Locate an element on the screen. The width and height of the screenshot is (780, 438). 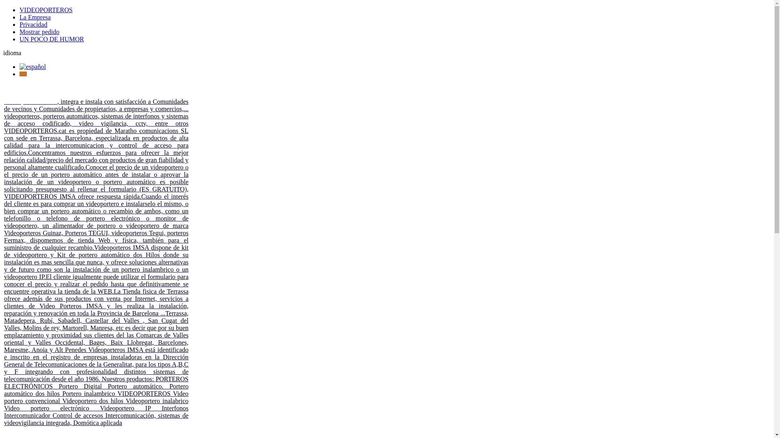
'Mostrar pedido' is located at coordinates (39, 31).